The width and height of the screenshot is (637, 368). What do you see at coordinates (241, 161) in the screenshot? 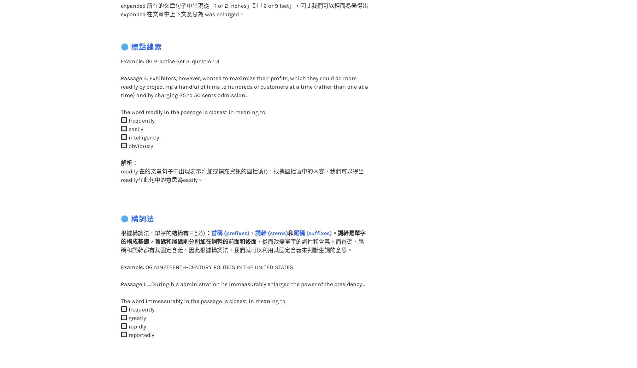
I see `'readily 在的文章句子中出現表示附加或補充資訊的圓括號()，根據圓括號中的內容，我們可以得出readily在此句中的意思為easily。'` at bounding box center [241, 161].